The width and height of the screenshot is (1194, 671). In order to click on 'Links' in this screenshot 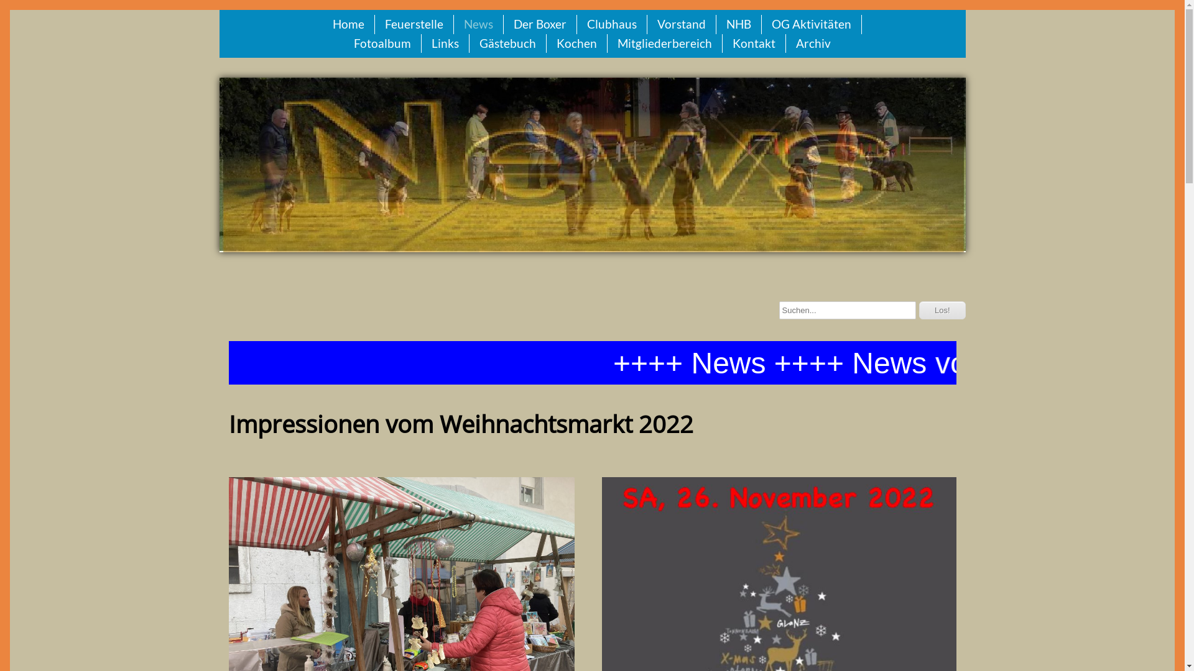, I will do `click(445, 43)`.